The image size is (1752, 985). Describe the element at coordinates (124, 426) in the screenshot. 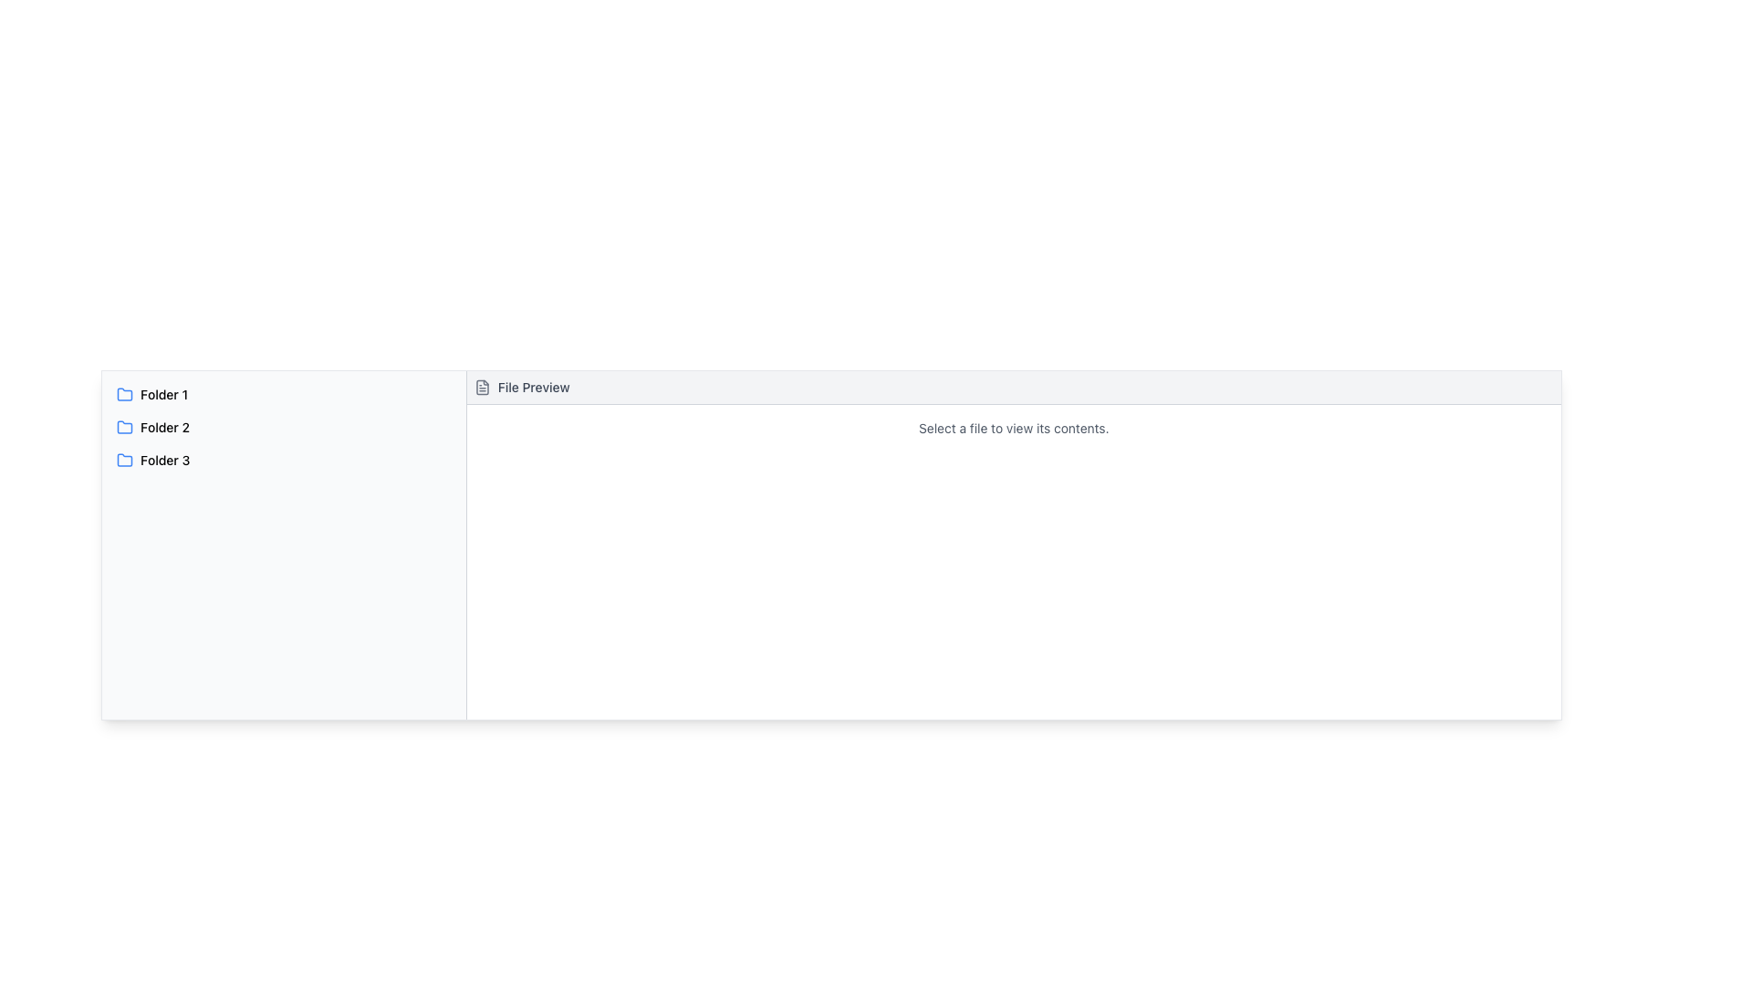

I see `the folder icon labeled 'Folder 2'` at that location.